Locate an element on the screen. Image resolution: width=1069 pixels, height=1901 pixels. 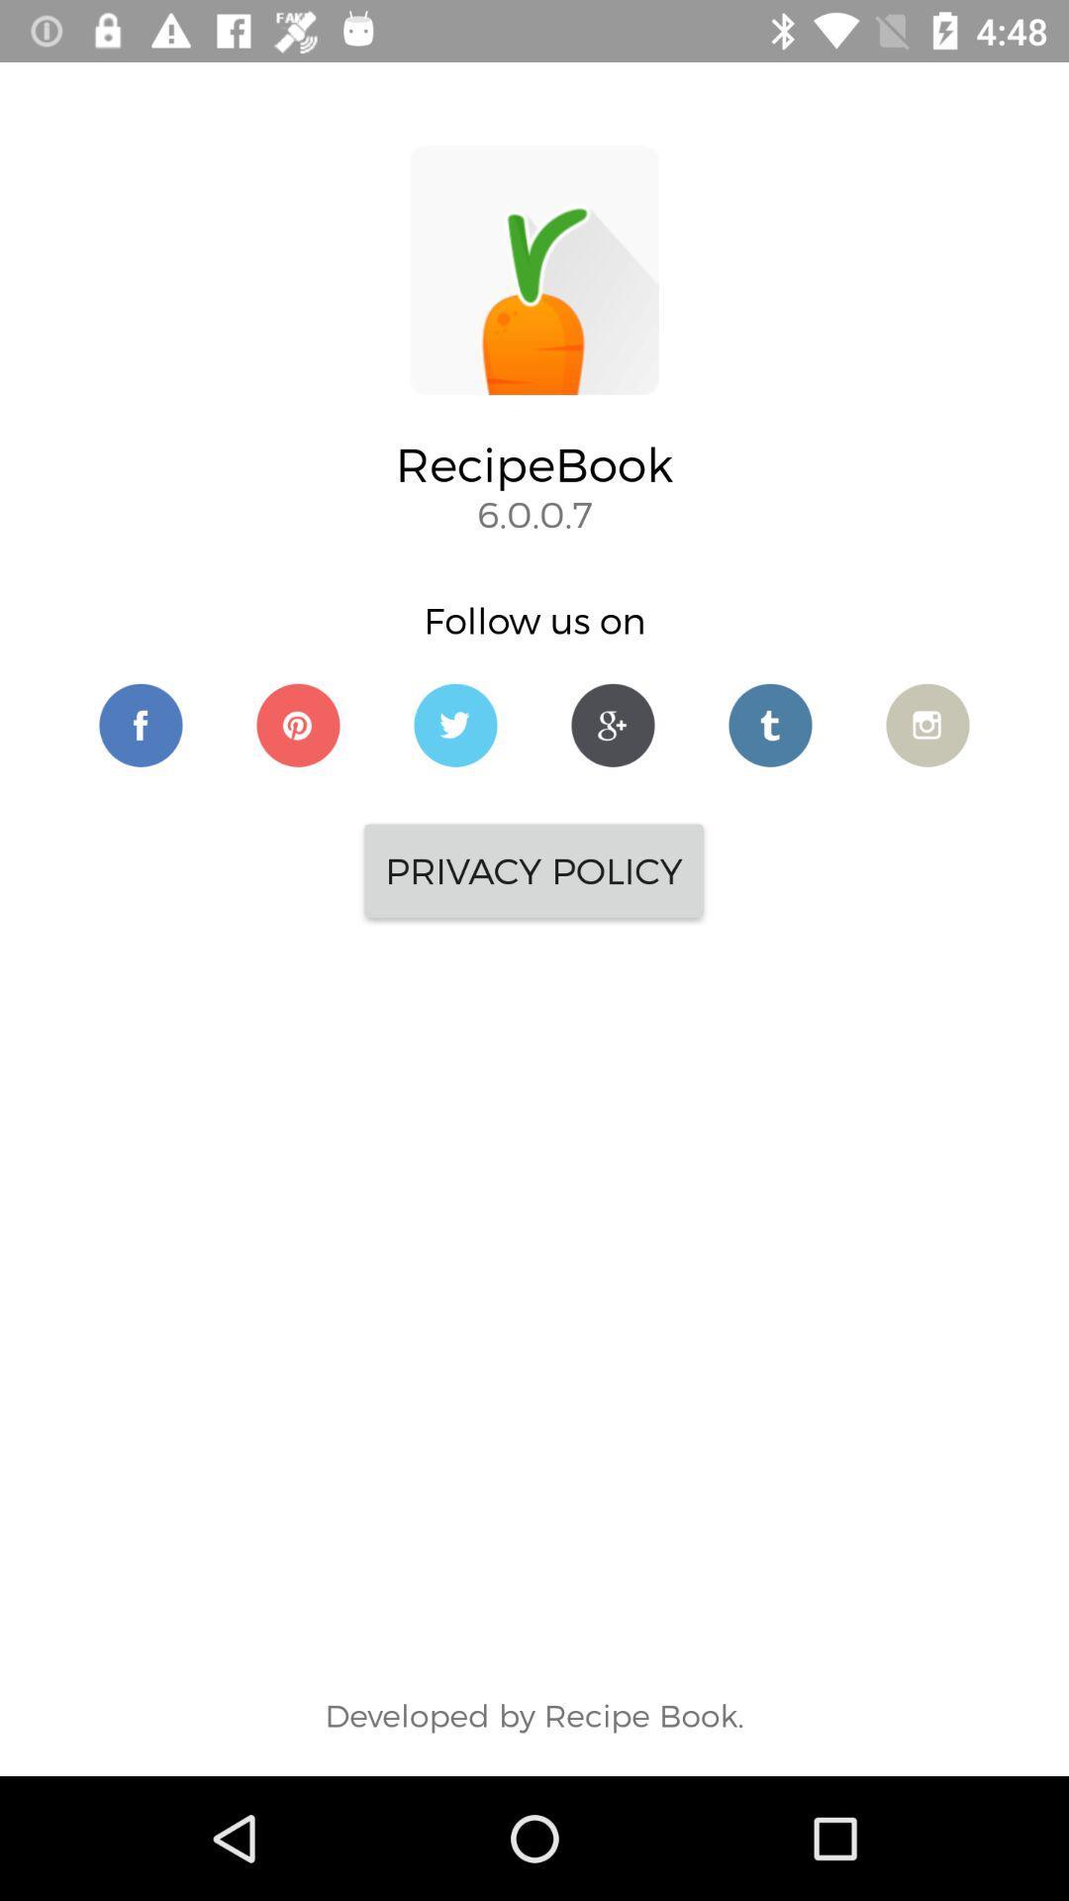
share to facebook is located at coordinates (140, 724).